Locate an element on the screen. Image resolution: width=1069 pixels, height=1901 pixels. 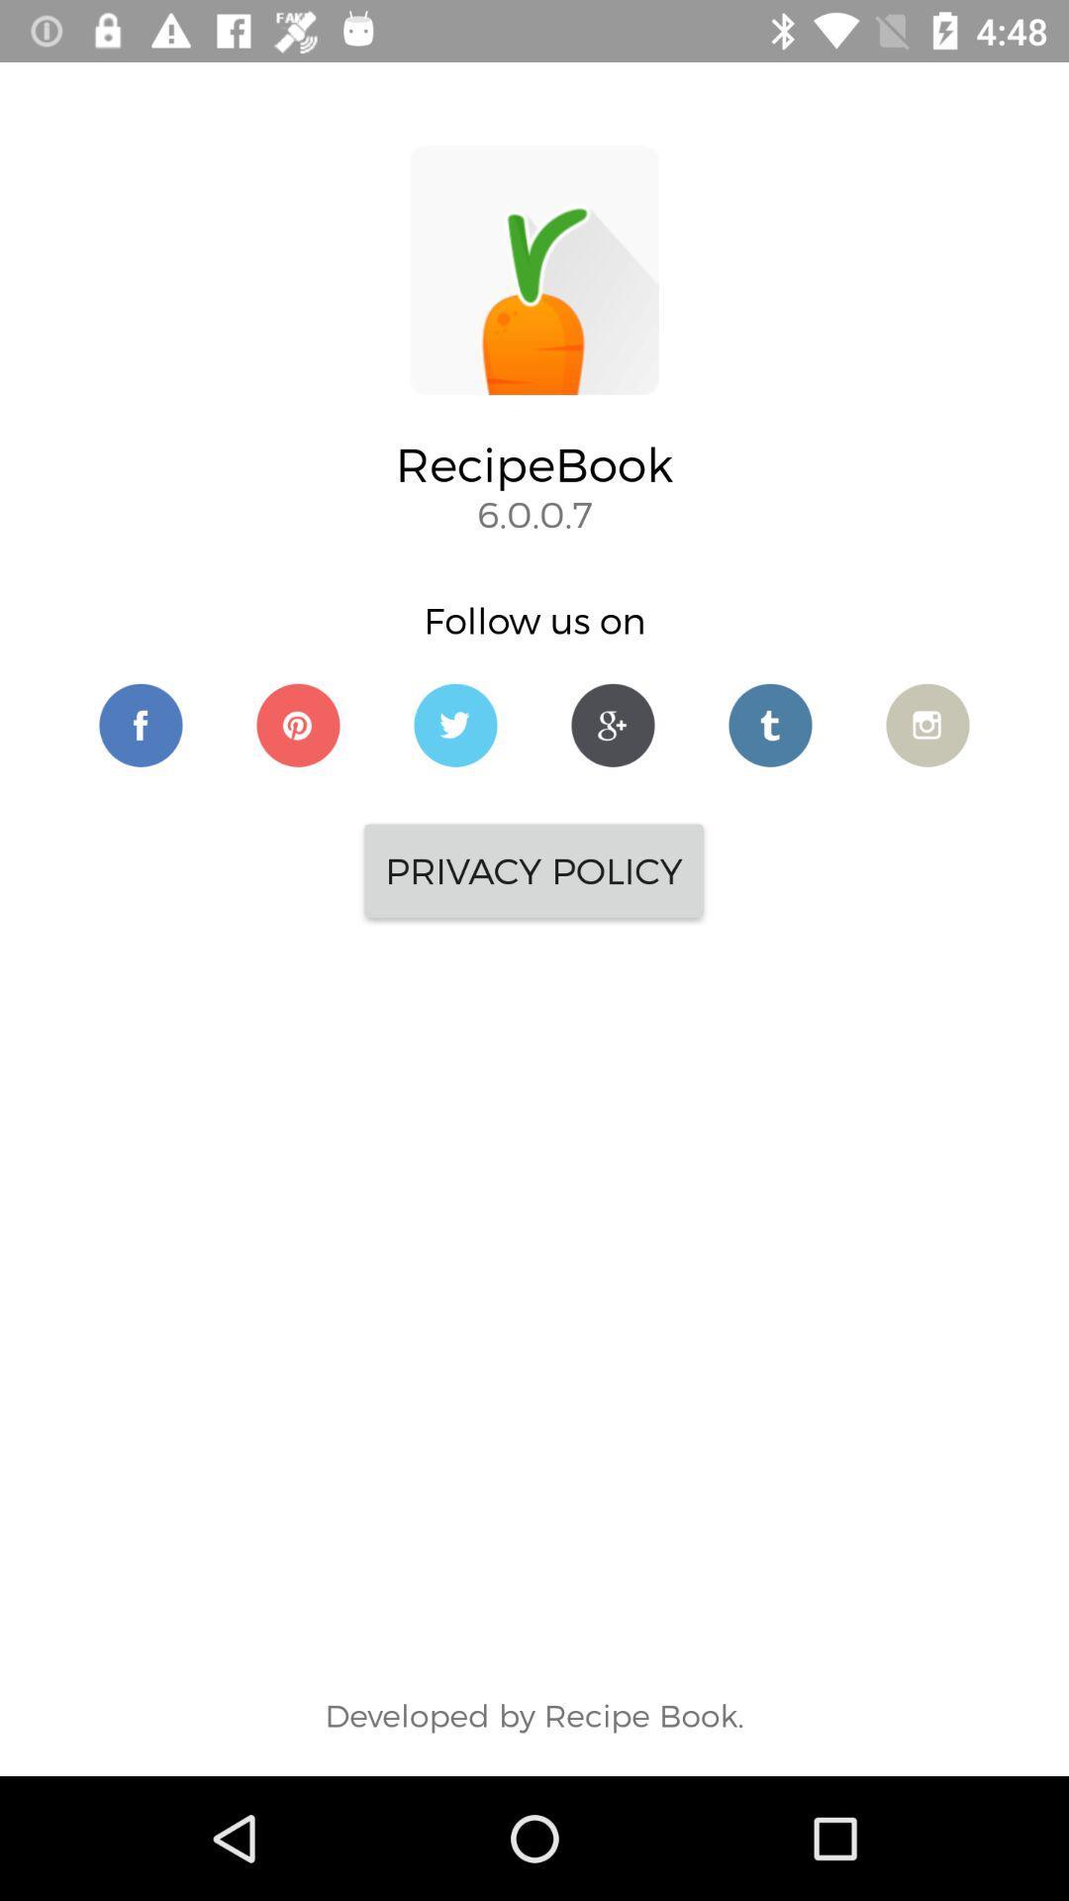
share to facebook is located at coordinates (140, 724).